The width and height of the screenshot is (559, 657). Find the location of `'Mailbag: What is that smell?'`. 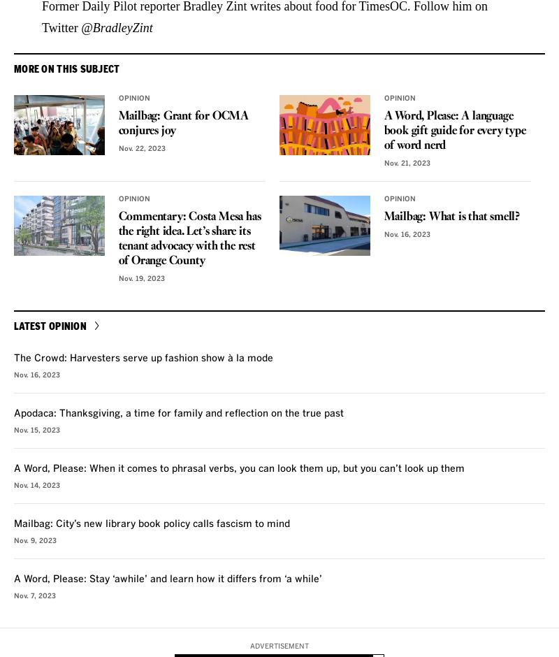

'Mailbag: What is that smell?' is located at coordinates (451, 215).